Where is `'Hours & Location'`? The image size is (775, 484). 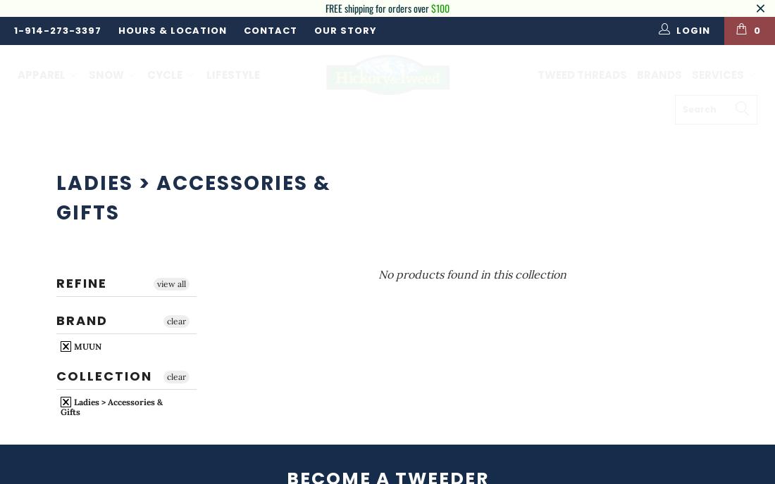 'Hours & Location' is located at coordinates (172, 29).